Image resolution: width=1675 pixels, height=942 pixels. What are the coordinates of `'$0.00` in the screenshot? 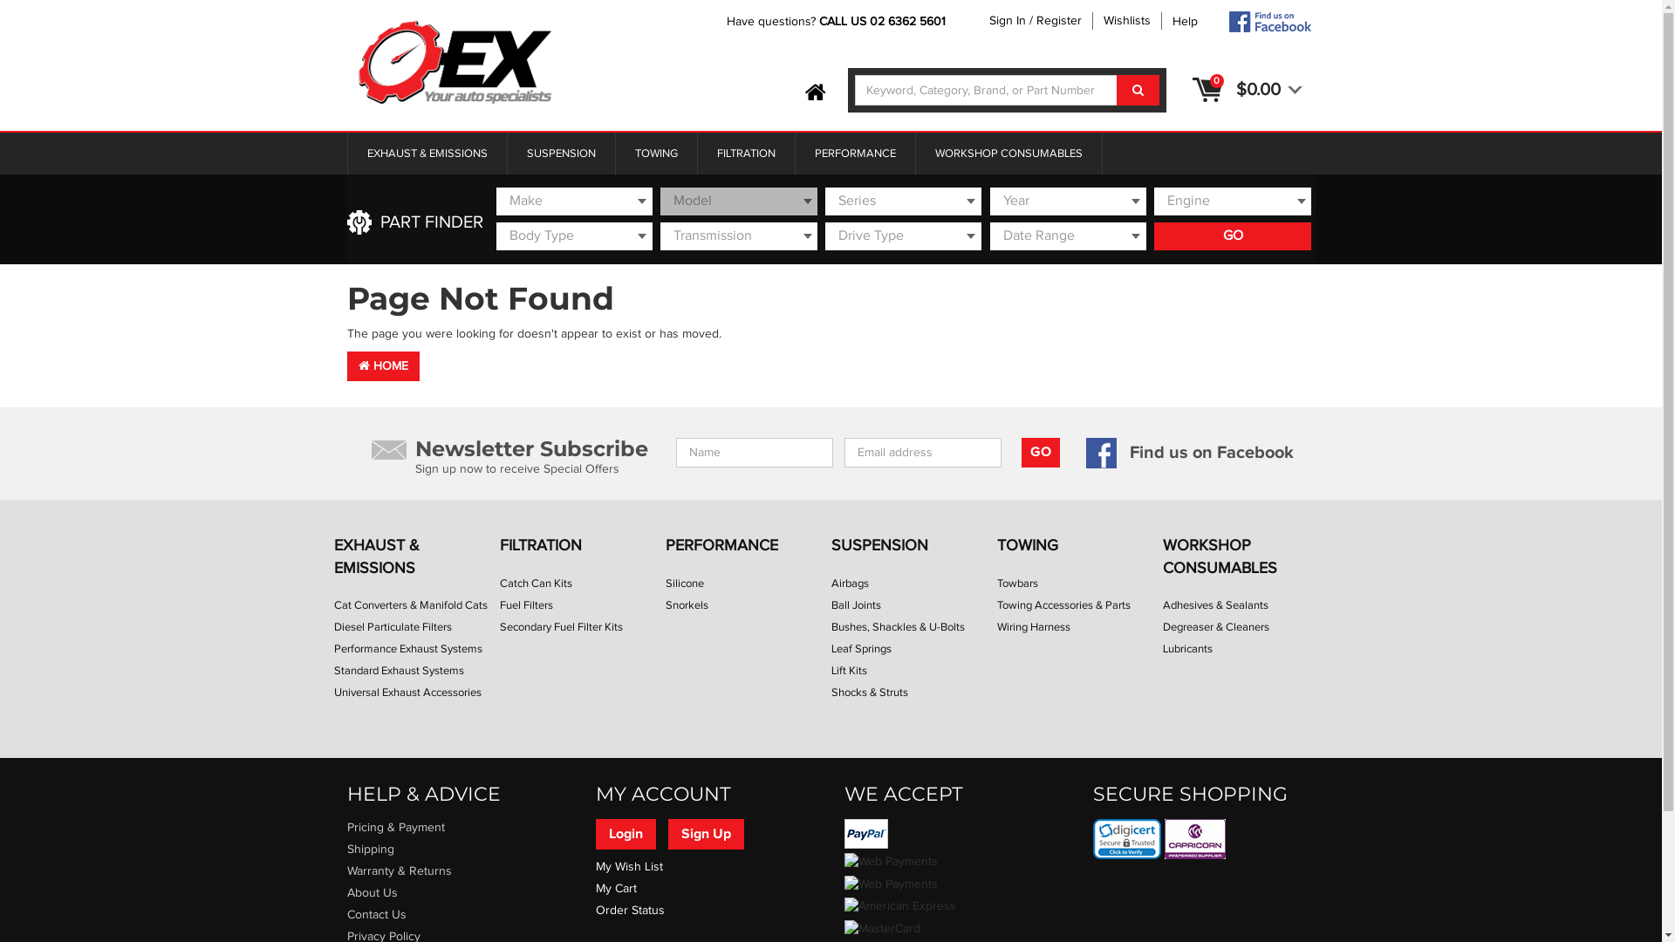 It's located at (1268, 90).